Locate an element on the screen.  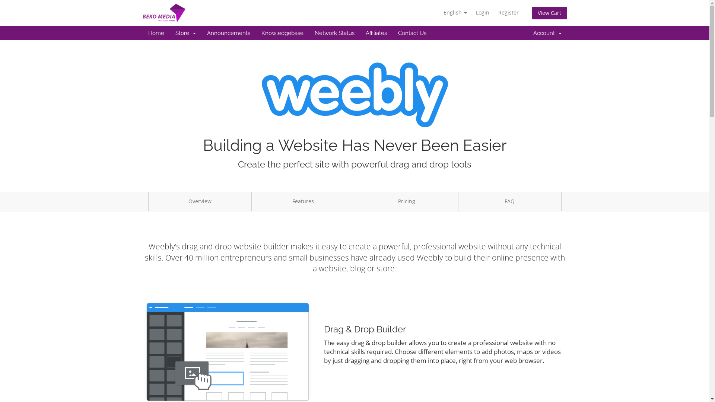
'Features' is located at coordinates (303, 201).